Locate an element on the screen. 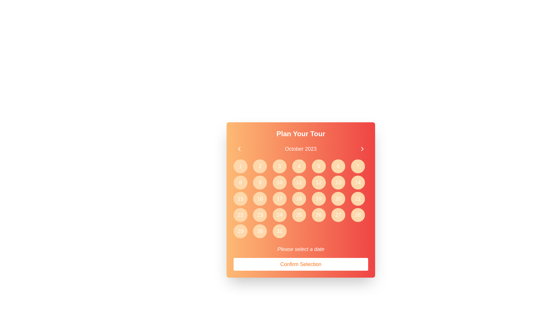 This screenshot has width=557, height=313. the button representing the 19th day in the calendar view is located at coordinates (318, 199).